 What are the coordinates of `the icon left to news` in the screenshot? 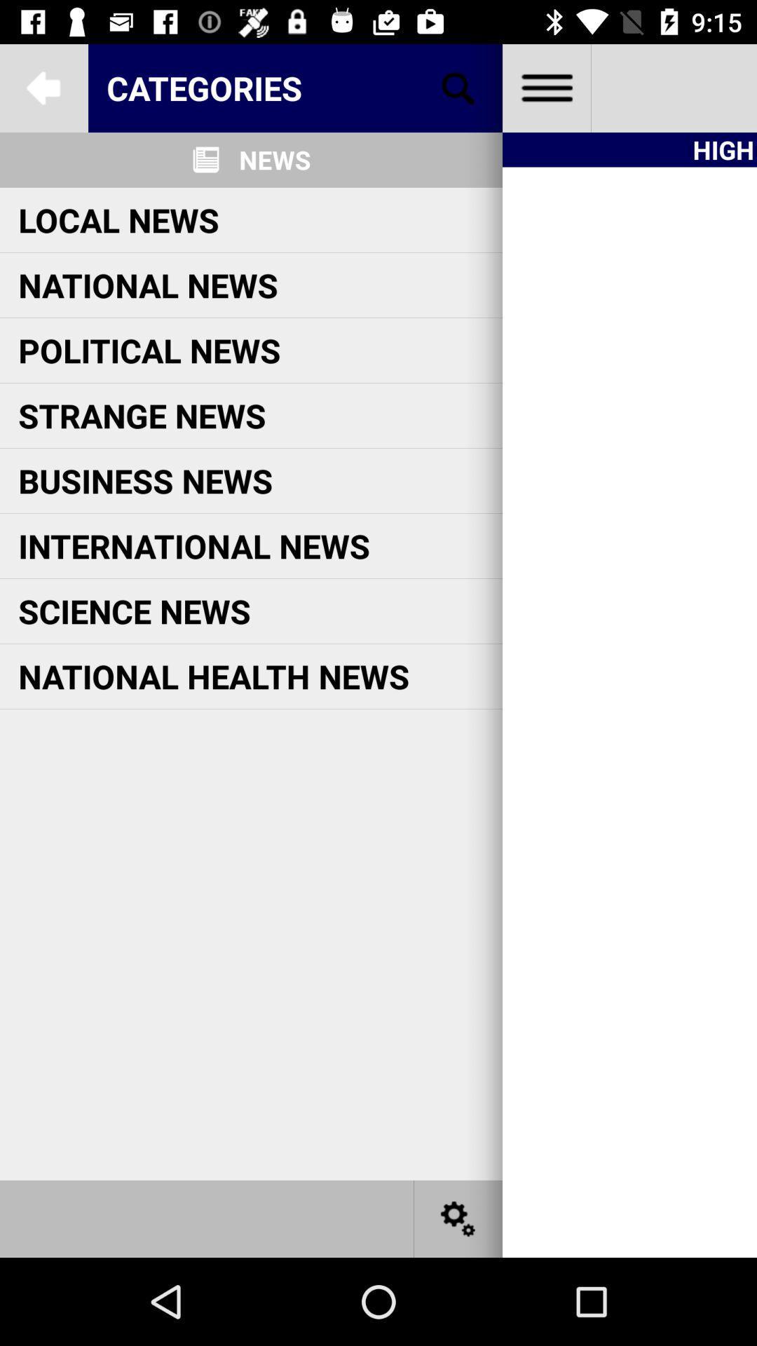 It's located at (205, 160).